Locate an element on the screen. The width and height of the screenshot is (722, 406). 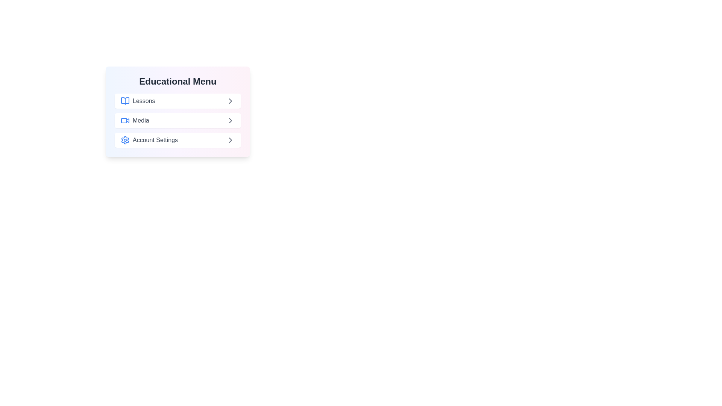
the right-facing chevron arrowhead symbol located near the right edge of the 'Lessons' option in the 'Educational Menu' is located at coordinates (230, 101).